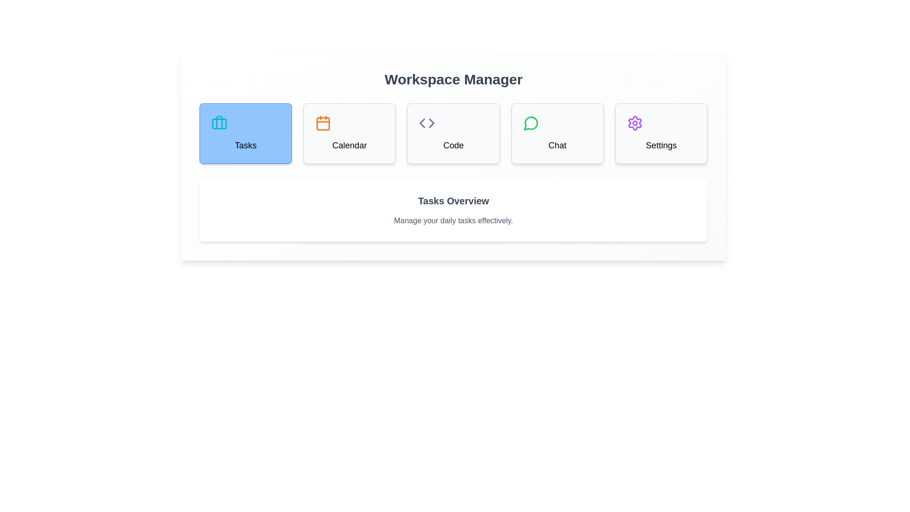 The width and height of the screenshot is (910, 512). What do you see at coordinates (661, 146) in the screenshot?
I see `the 'Settings' text label, which is displayed in a medium-sized bold font at the bottom of the 'Settings' card, the fifth option in a row of cards` at bounding box center [661, 146].